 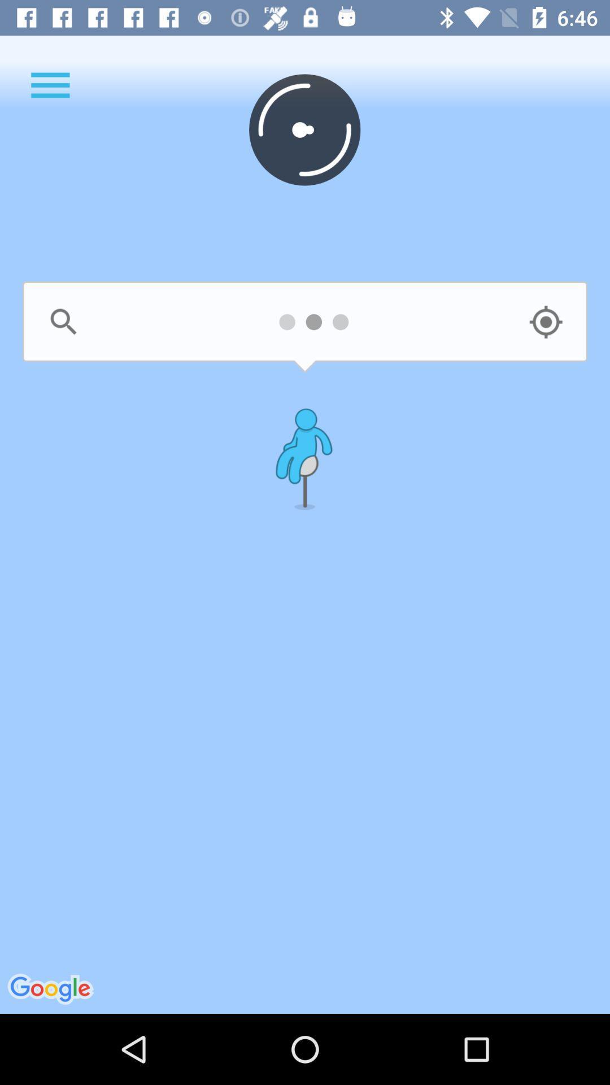 What do you see at coordinates (545, 322) in the screenshot?
I see `watching semple` at bounding box center [545, 322].